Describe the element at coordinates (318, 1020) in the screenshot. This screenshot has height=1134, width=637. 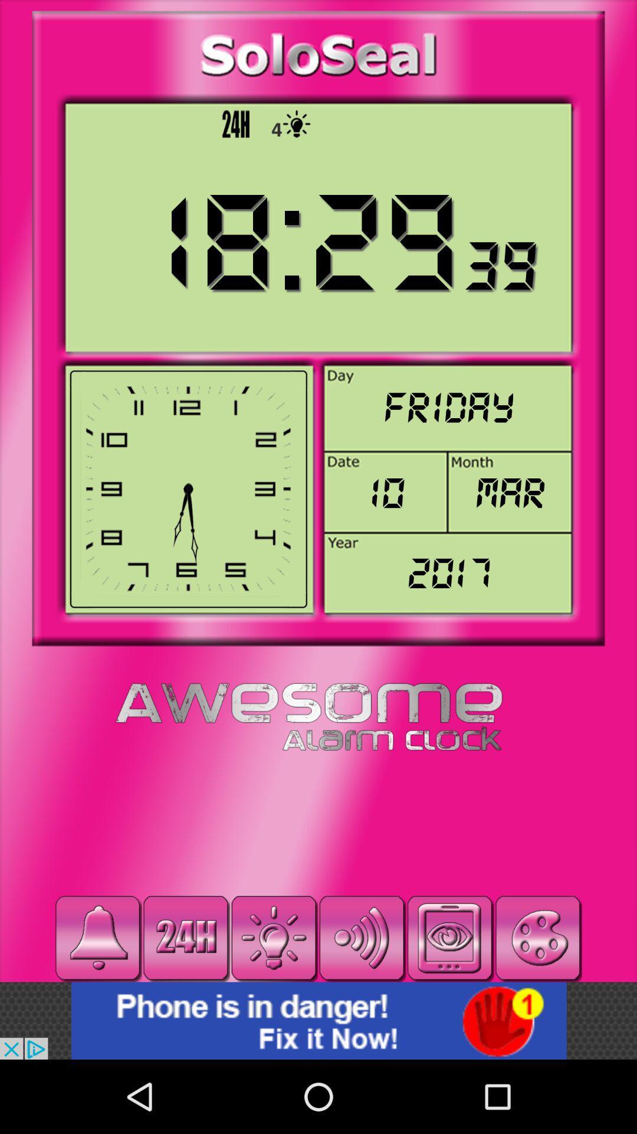
I see `the picture` at that location.